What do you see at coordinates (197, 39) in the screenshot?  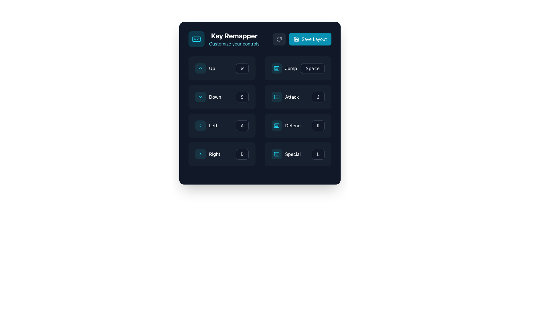 I see `the game controller icon with a cyan outline located in the top-left corner of the 'Key Remapper' card, positioned to the left of the title text` at bounding box center [197, 39].